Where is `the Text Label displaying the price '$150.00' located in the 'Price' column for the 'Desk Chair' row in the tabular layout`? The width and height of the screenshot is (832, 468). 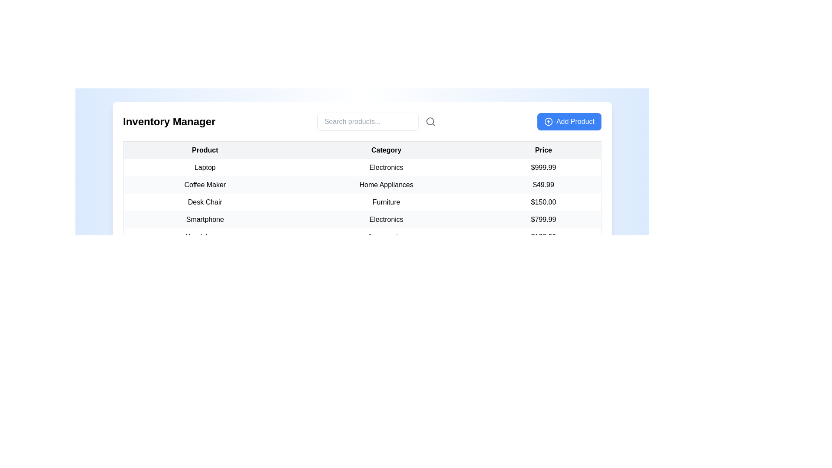
the Text Label displaying the price '$150.00' located in the 'Price' column for the 'Desk Chair' row in the tabular layout is located at coordinates (543, 202).